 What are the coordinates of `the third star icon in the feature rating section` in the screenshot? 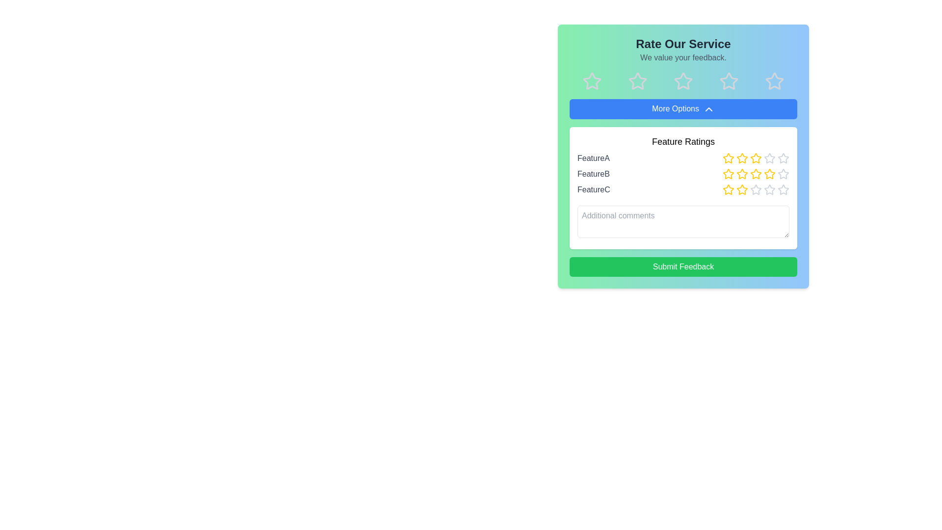 It's located at (755, 173).